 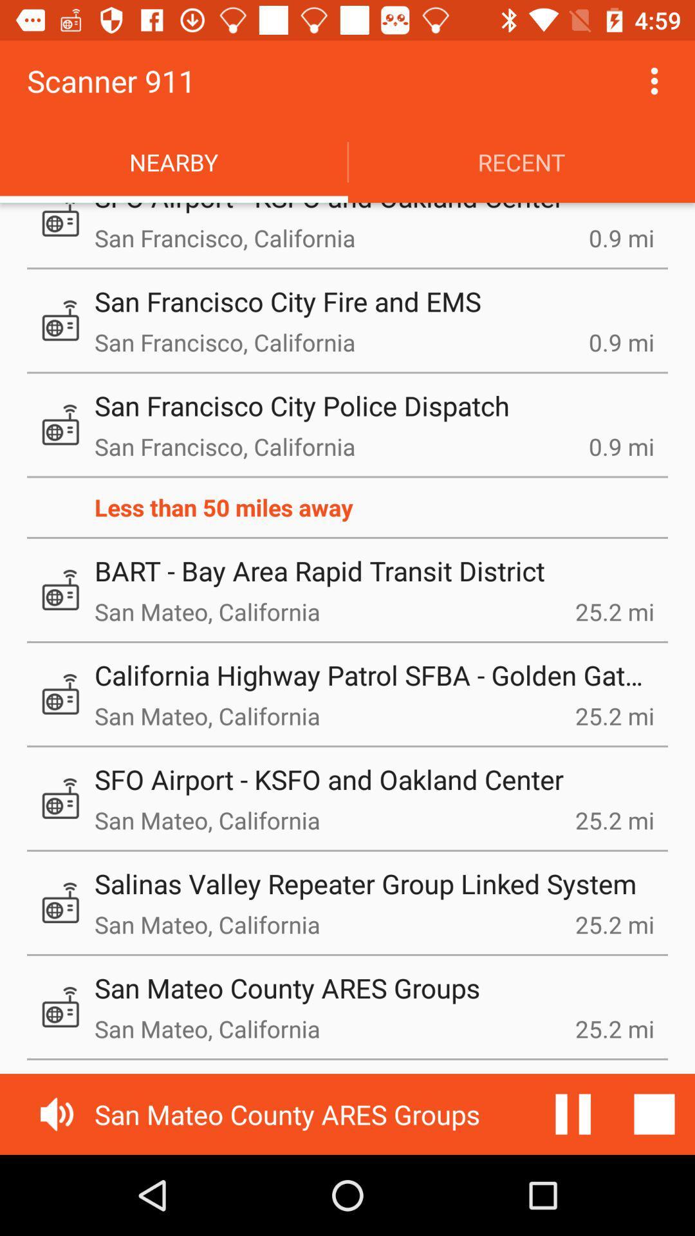 What do you see at coordinates (654, 80) in the screenshot?
I see `the more icon` at bounding box center [654, 80].